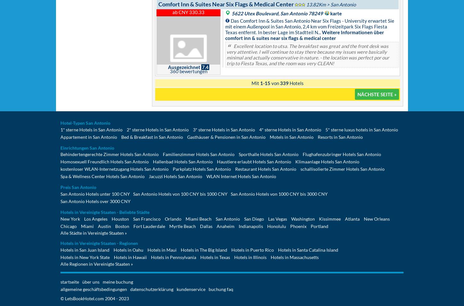  Describe the element at coordinates (149, 226) in the screenshot. I see `'Fort Lauderdale'` at that location.